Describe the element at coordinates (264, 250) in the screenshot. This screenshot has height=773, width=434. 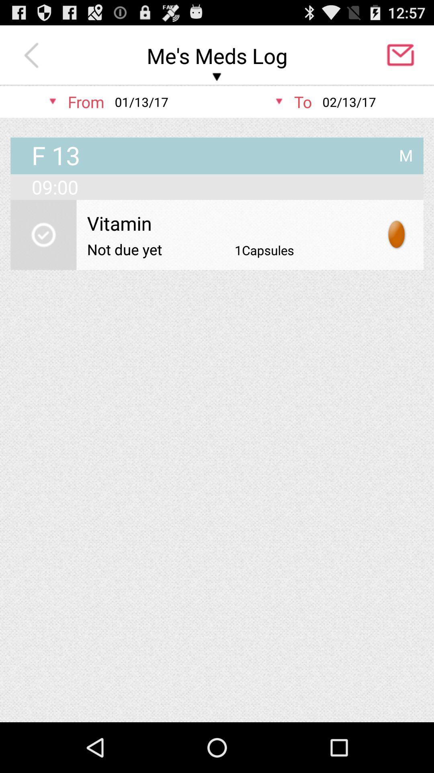
I see `the app next to the not due yet app` at that location.